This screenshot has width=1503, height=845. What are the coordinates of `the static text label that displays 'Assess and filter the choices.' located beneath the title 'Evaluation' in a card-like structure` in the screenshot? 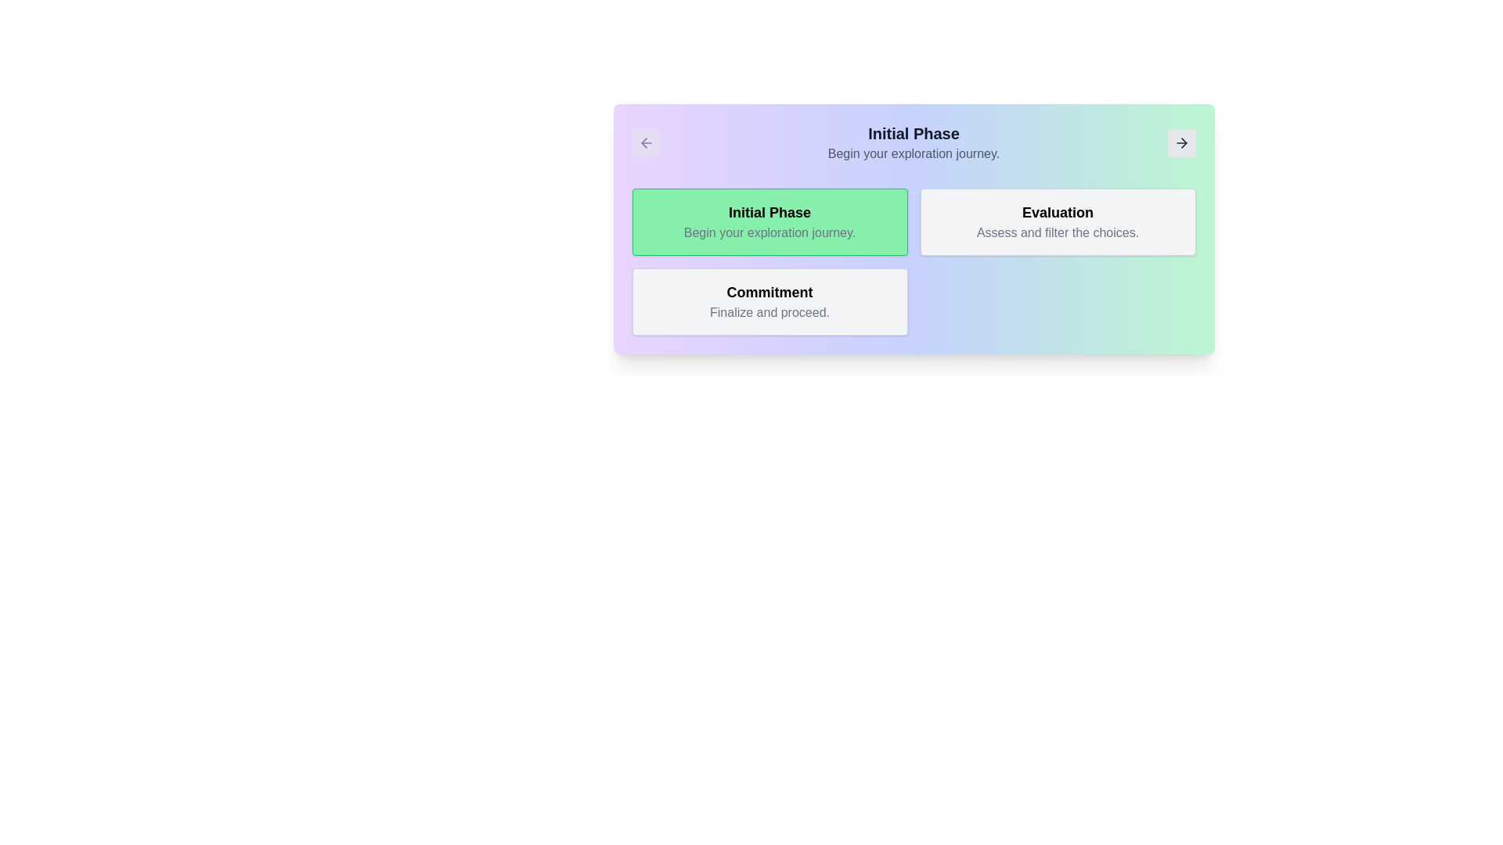 It's located at (1058, 232).